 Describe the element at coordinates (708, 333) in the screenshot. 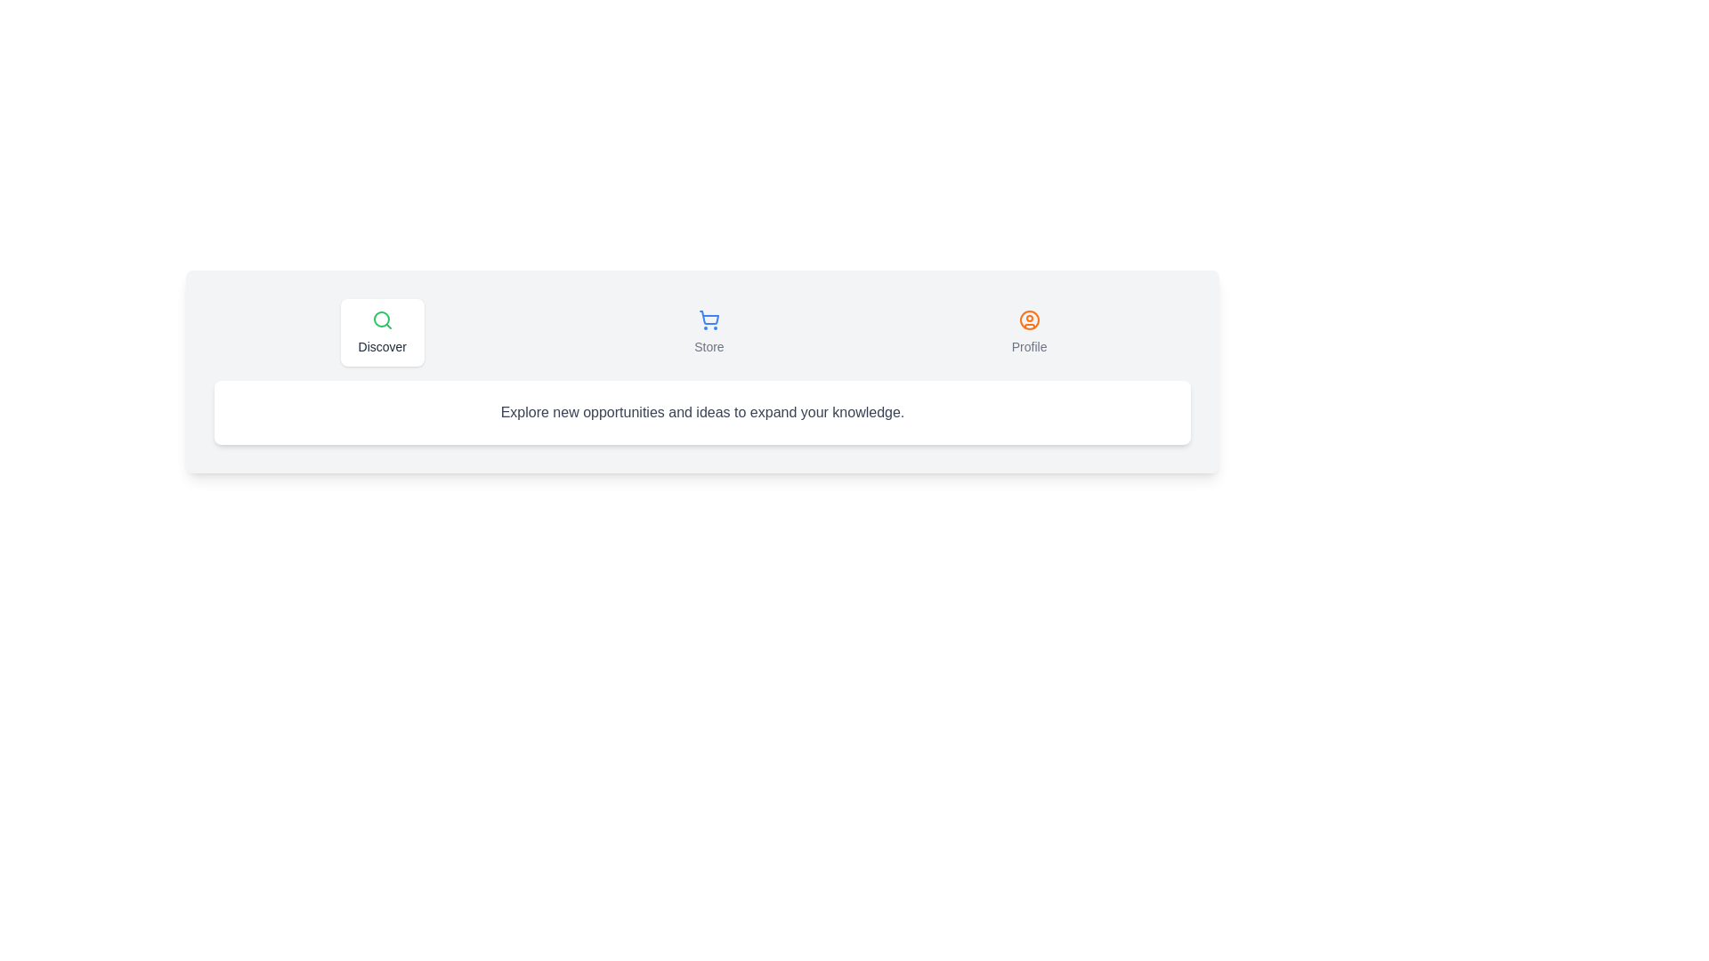

I see `the Store tab to navigate to its content` at that location.